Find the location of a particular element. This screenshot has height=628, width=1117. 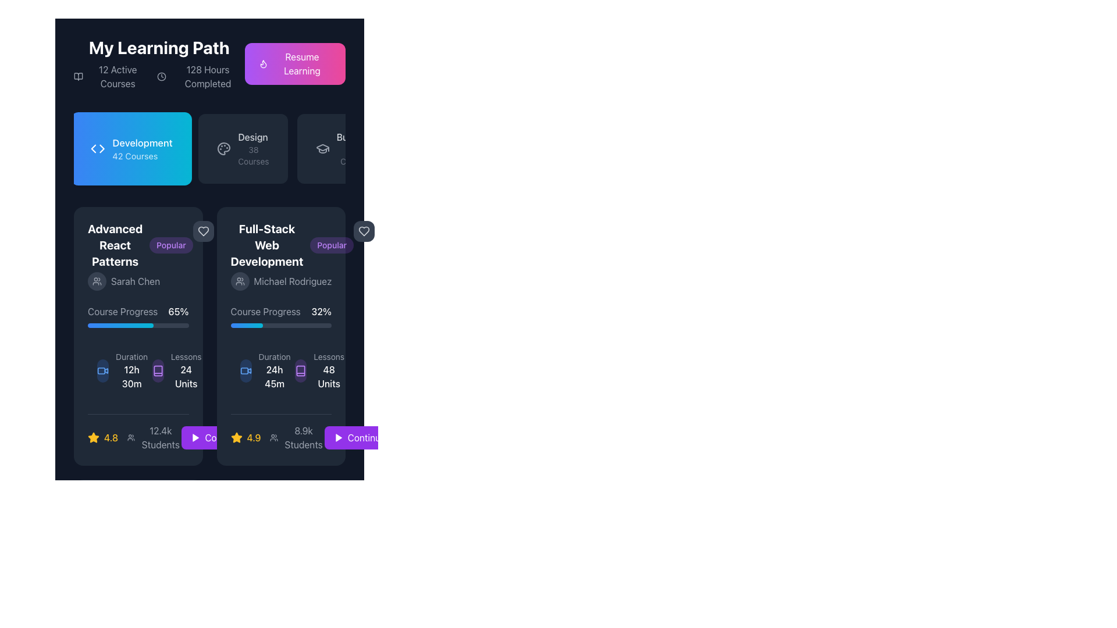

the video camera icon with a blue outline and recording indicator located on the 'Full-Stack Web Development' card in the bottom section is located at coordinates (103, 370).